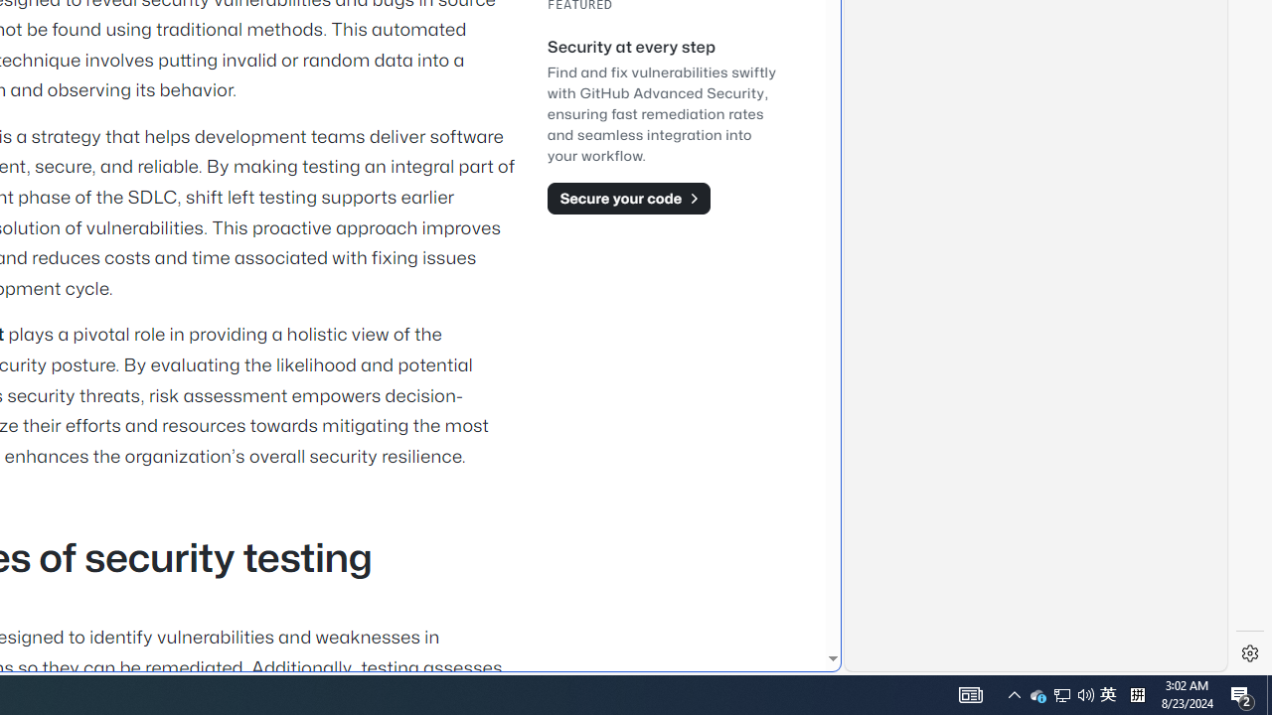 The image size is (1272, 715). I want to click on 'Secure your code', so click(627, 198).